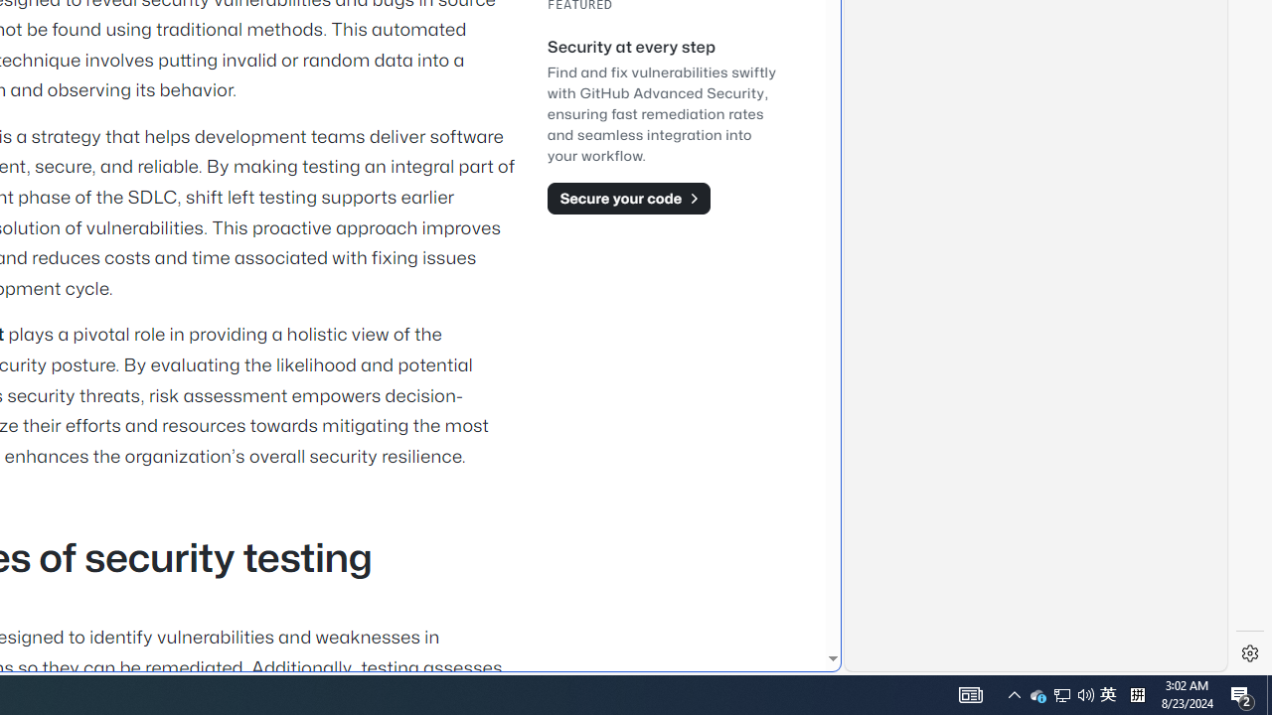 The image size is (1272, 715). I want to click on 'Secure your code', so click(627, 198).